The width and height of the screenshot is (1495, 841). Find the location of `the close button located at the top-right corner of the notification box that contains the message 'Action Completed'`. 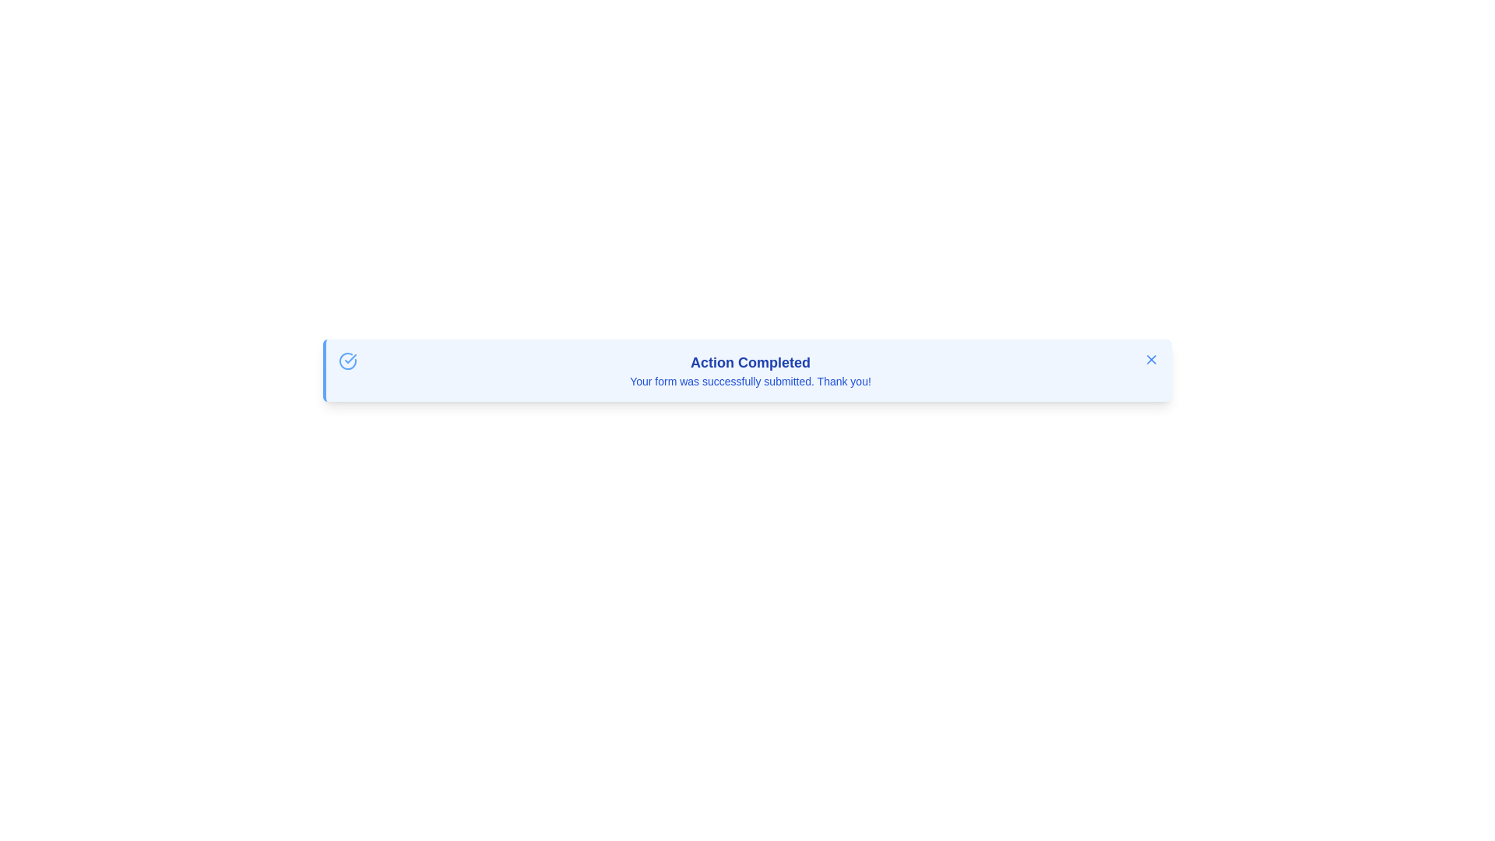

the close button located at the top-right corner of the notification box that contains the message 'Action Completed' is located at coordinates (1151, 360).